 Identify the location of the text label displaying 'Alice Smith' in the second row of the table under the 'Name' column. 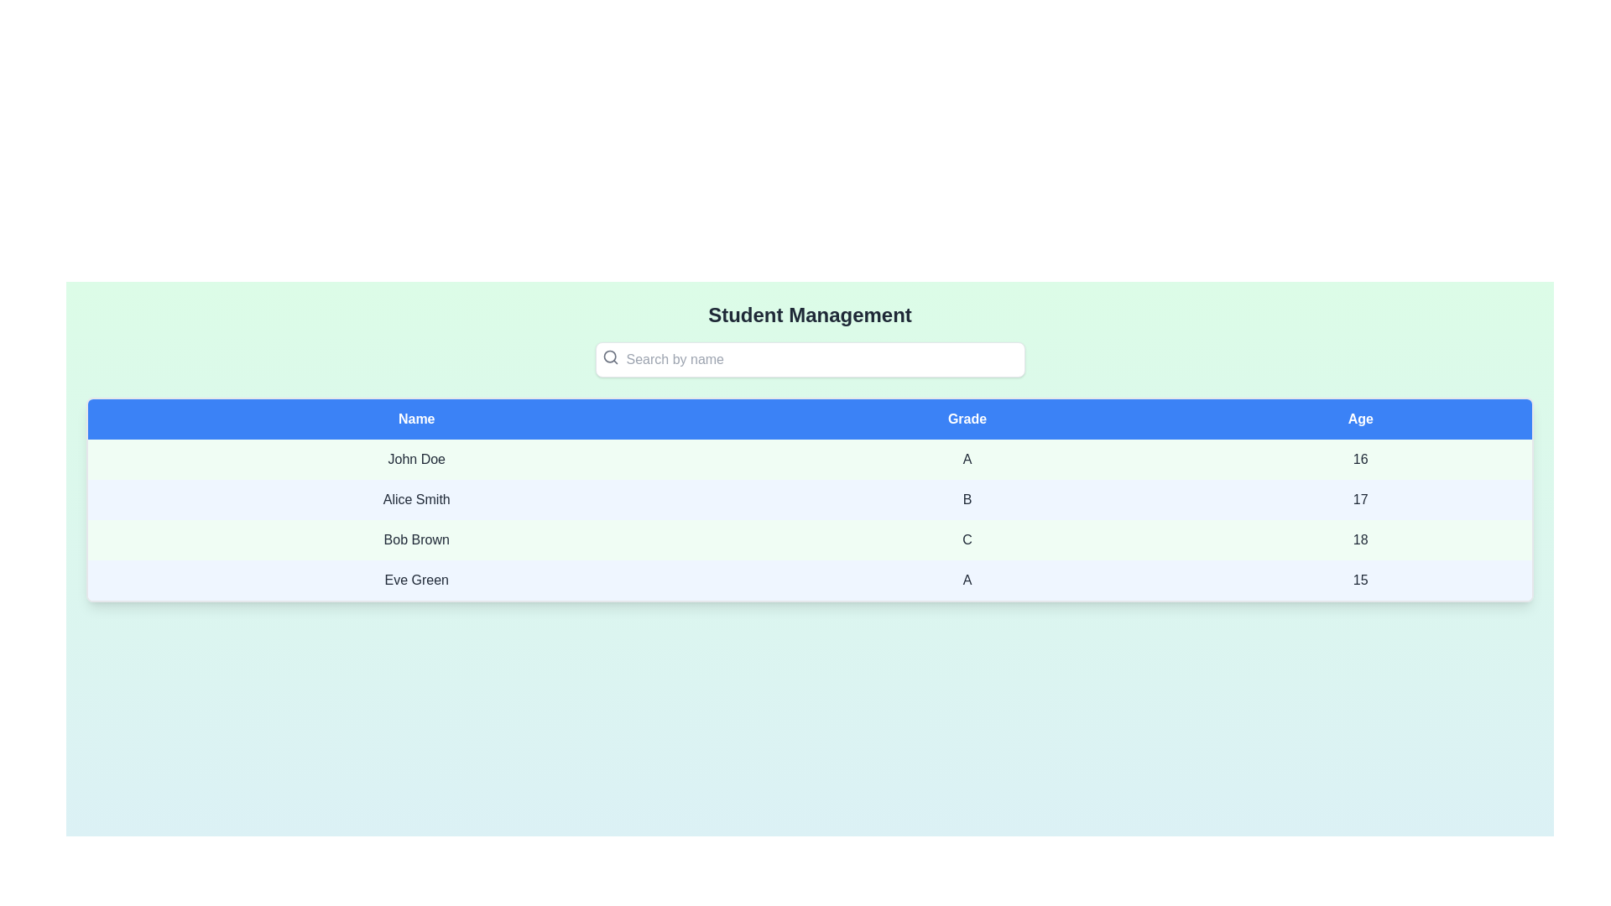
(416, 499).